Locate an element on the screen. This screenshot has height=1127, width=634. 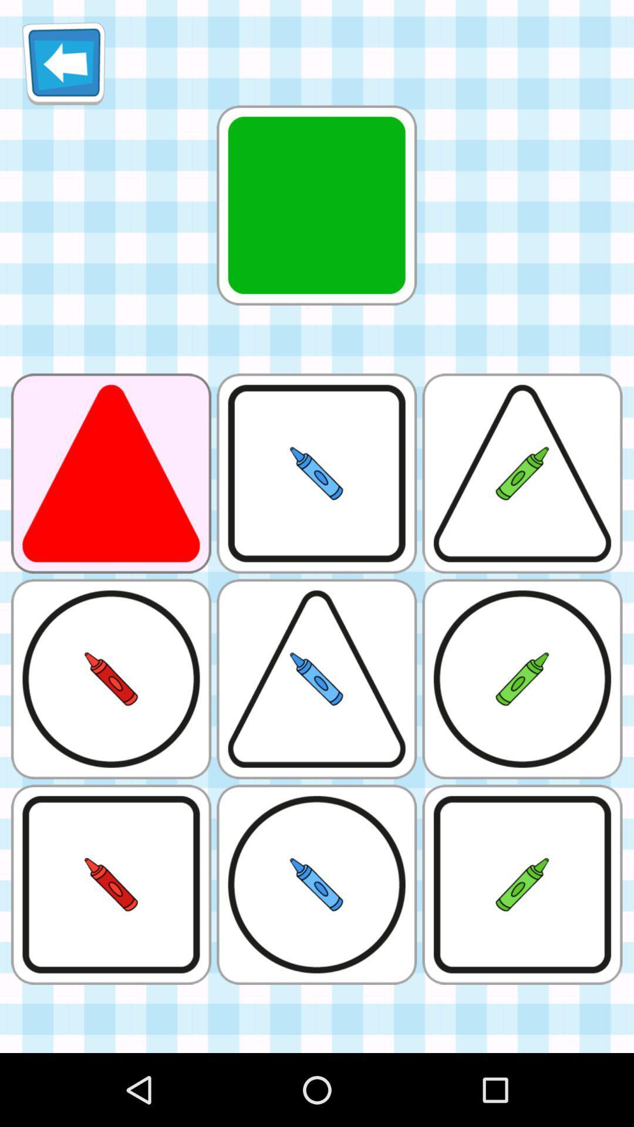
previous is located at coordinates (63, 63).